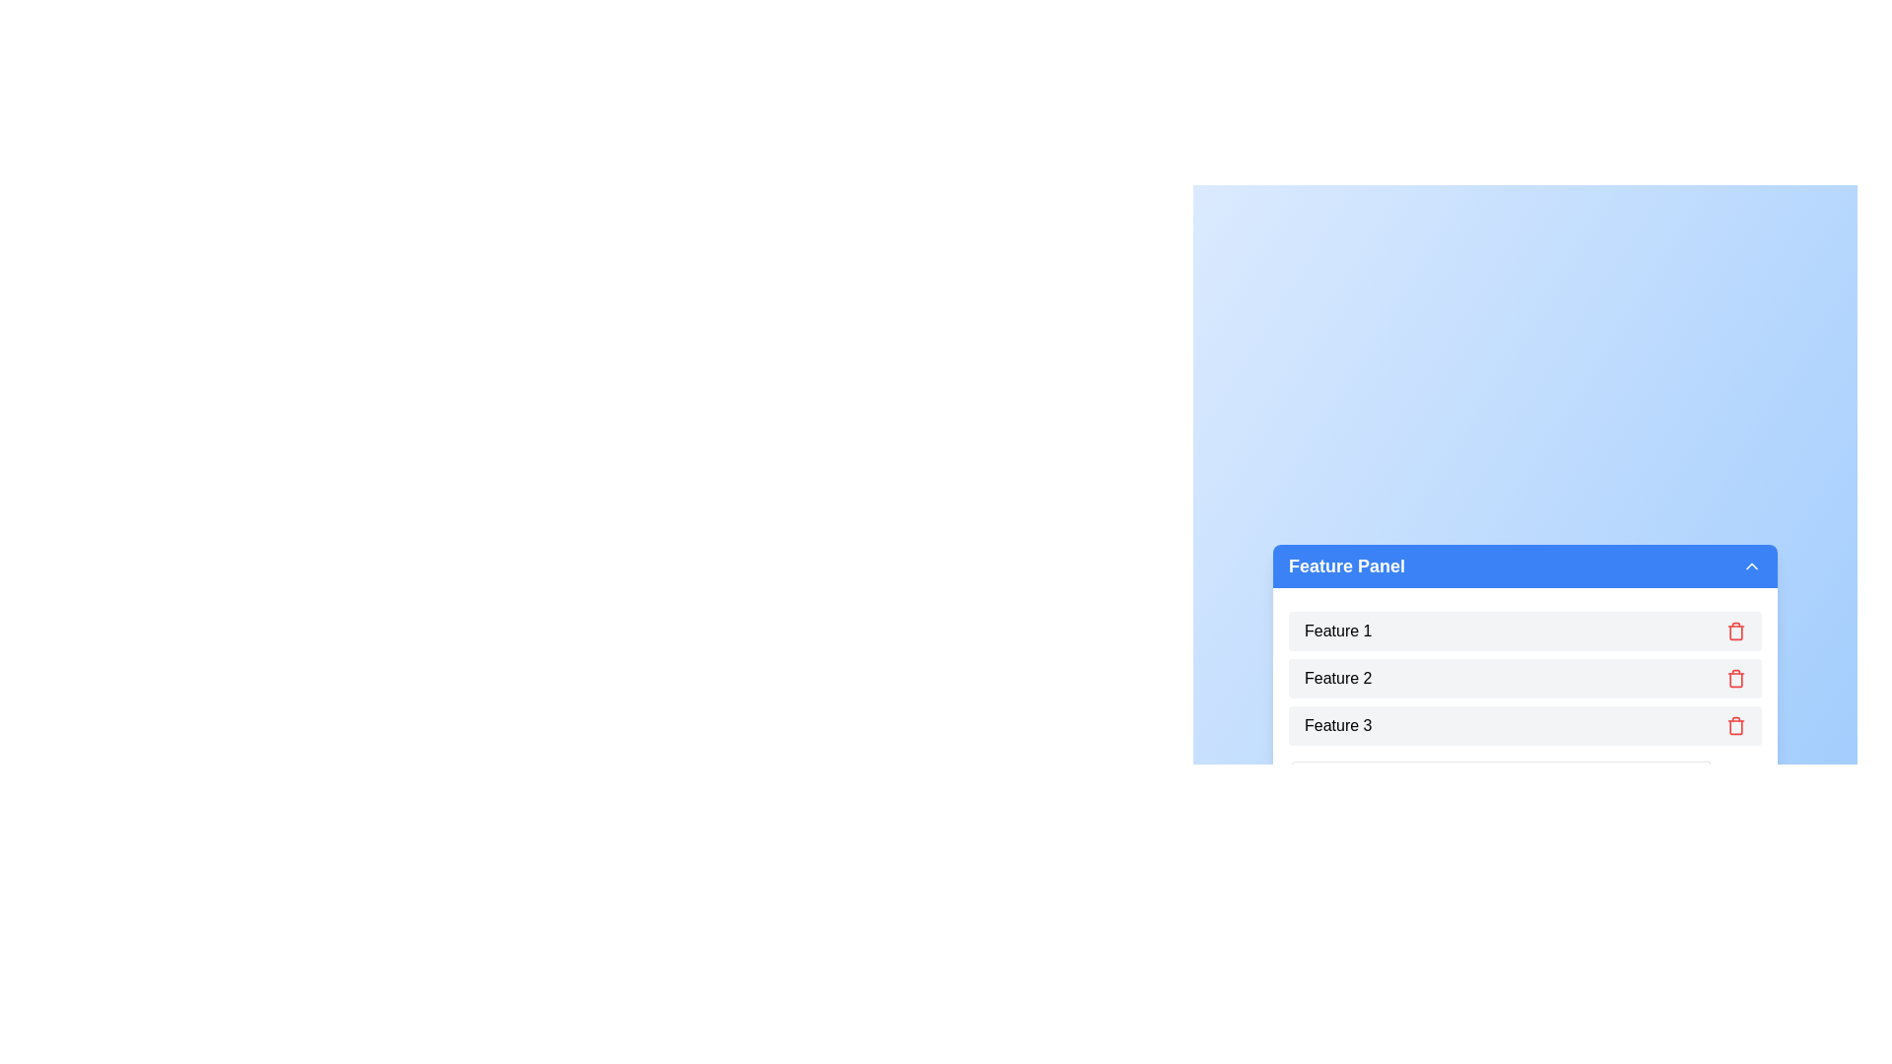  I want to click on the text 'Feature 2' in the horizontally-aligned list item for further actions, so click(1524, 678).